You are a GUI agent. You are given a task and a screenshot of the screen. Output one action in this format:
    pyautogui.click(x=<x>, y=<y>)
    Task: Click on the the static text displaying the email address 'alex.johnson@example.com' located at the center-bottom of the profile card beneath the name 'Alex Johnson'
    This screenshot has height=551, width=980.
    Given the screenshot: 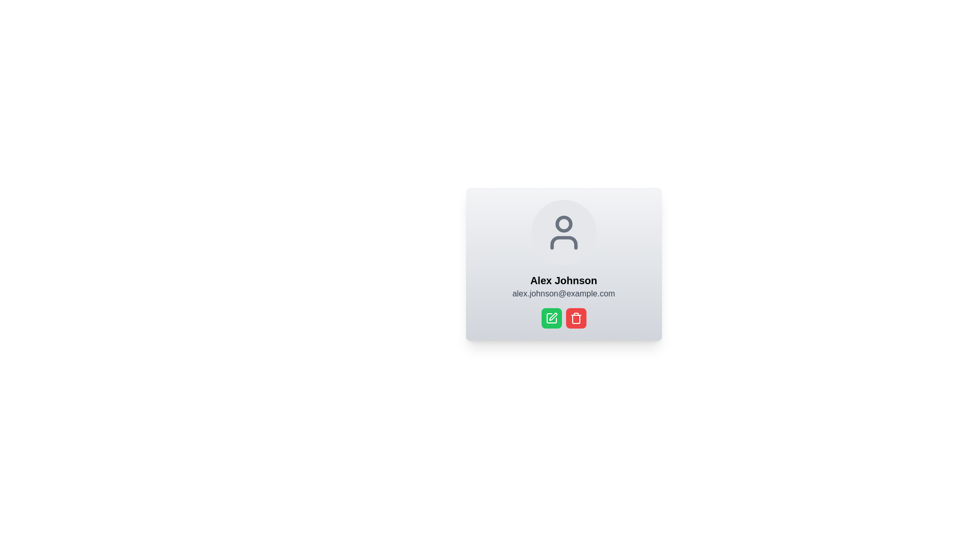 What is the action you would take?
    pyautogui.click(x=563, y=293)
    